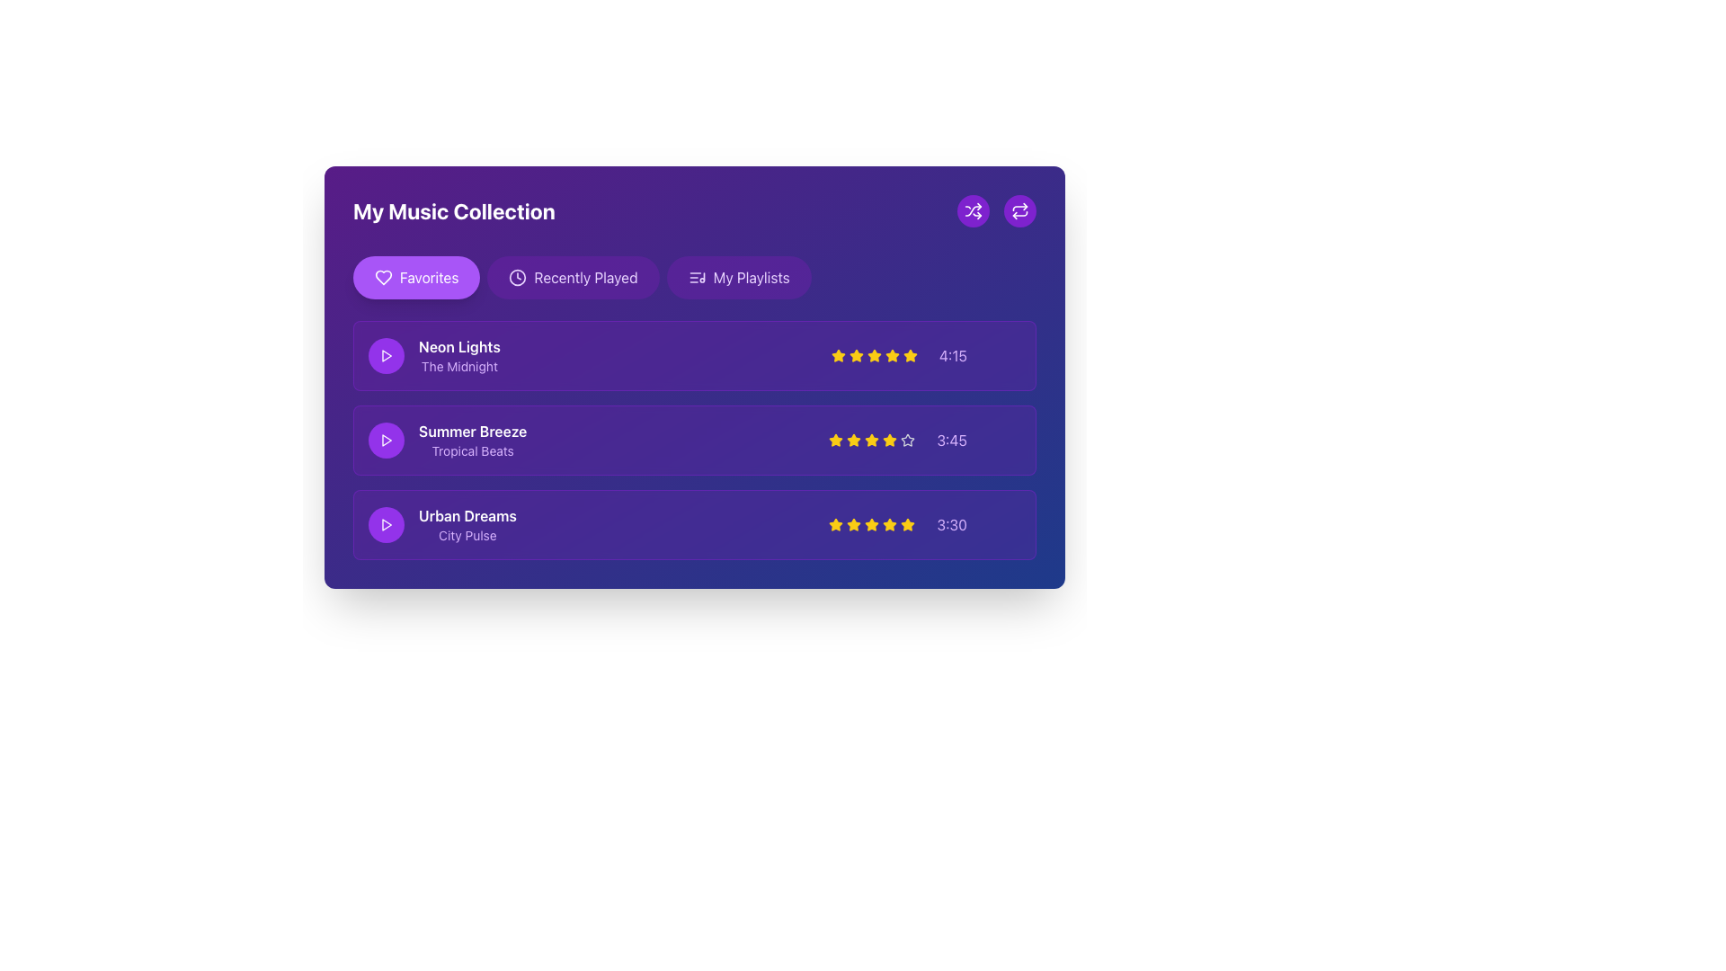  Describe the element at coordinates (890, 440) in the screenshot. I see `the fourth yellow star icon used for rating the 'Summer Breeze' song` at that location.